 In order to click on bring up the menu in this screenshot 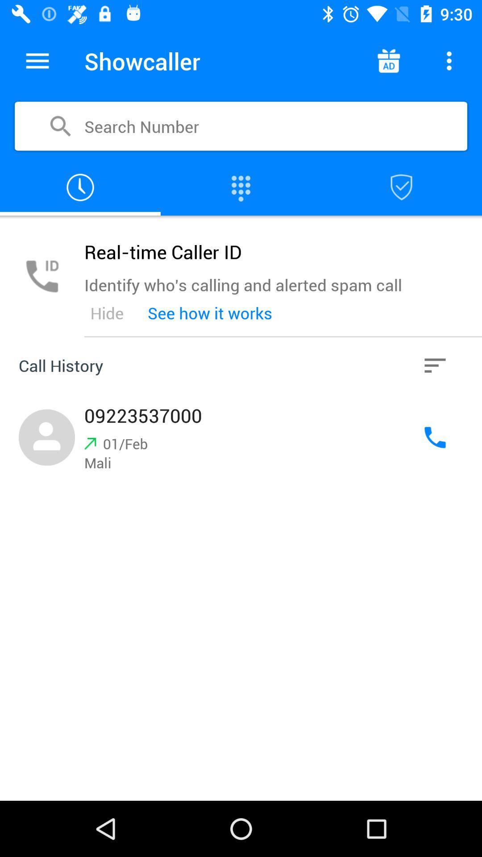, I will do `click(37, 60)`.